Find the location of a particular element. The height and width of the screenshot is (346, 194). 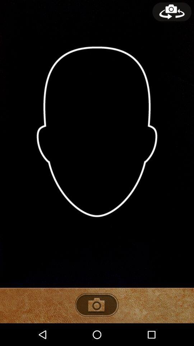

camera rotate icon is located at coordinates (171, 12).